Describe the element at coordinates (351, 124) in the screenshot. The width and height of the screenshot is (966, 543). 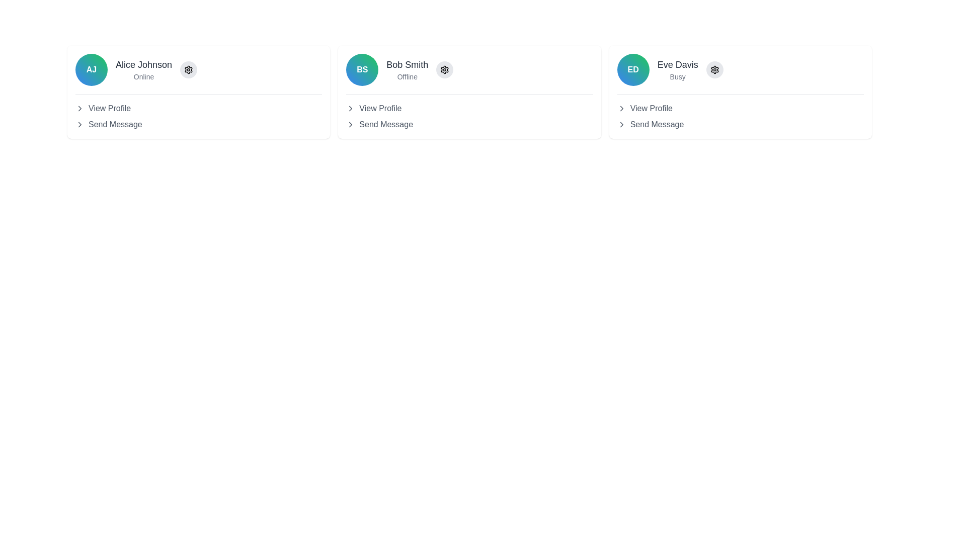
I see `the icon indicating the expandability or selection of the 'Send Message' text associated with user 'Bob Smith'` at that location.